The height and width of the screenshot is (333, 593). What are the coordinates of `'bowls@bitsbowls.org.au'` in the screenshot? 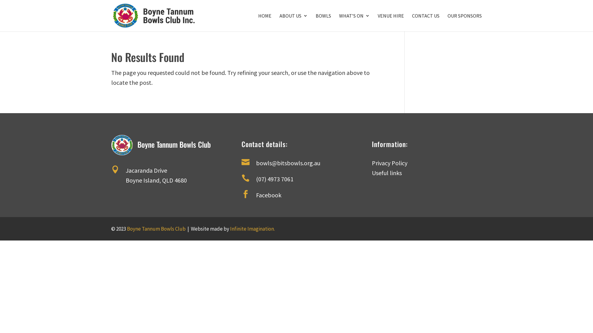 It's located at (288, 162).